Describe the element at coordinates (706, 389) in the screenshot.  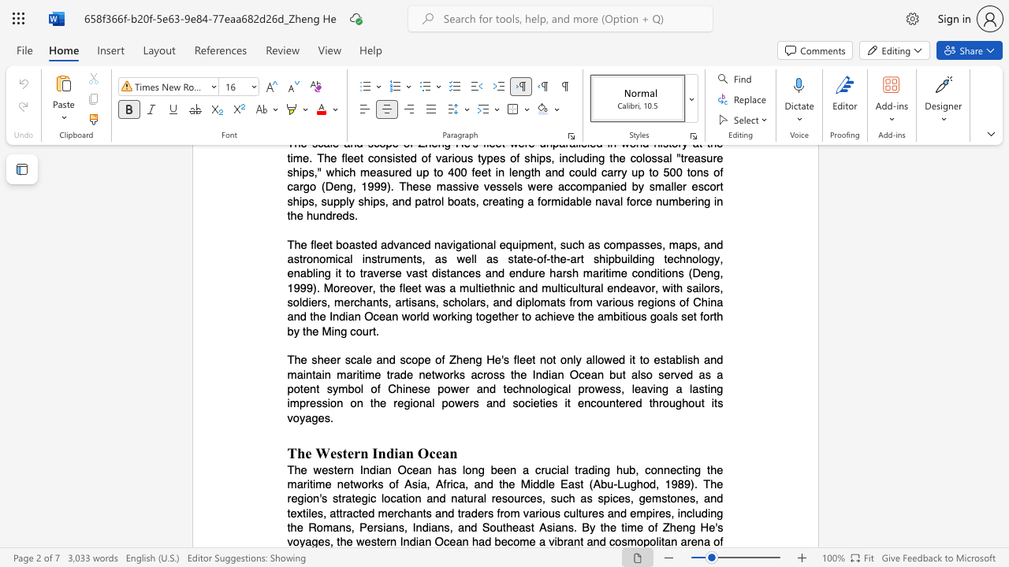
I see `the subset text "ing impress" within the text "a lasting impression"` at that location.